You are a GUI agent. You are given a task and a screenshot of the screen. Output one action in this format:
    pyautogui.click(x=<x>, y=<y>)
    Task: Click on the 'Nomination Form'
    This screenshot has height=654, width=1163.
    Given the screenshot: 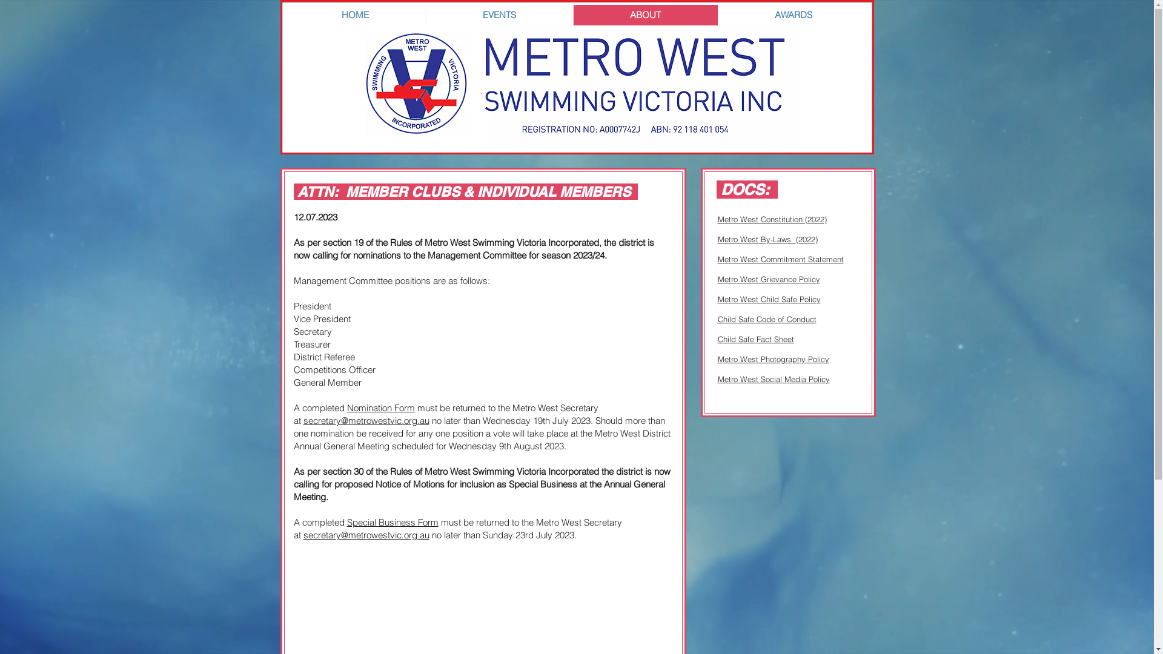 What is the action you would take?
    pyautogui.click(x=380, y=408)
    